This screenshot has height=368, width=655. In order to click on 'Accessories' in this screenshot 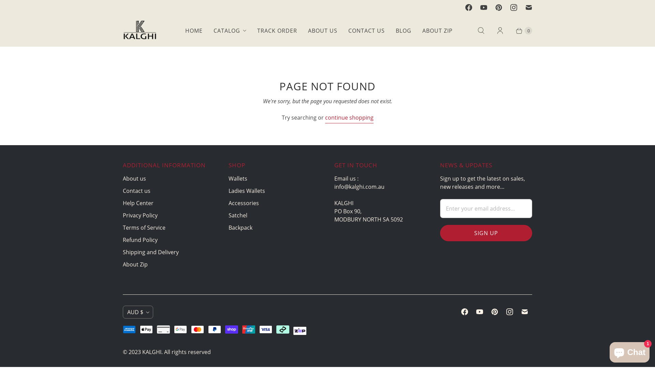, I will do `click(244, 203)`.